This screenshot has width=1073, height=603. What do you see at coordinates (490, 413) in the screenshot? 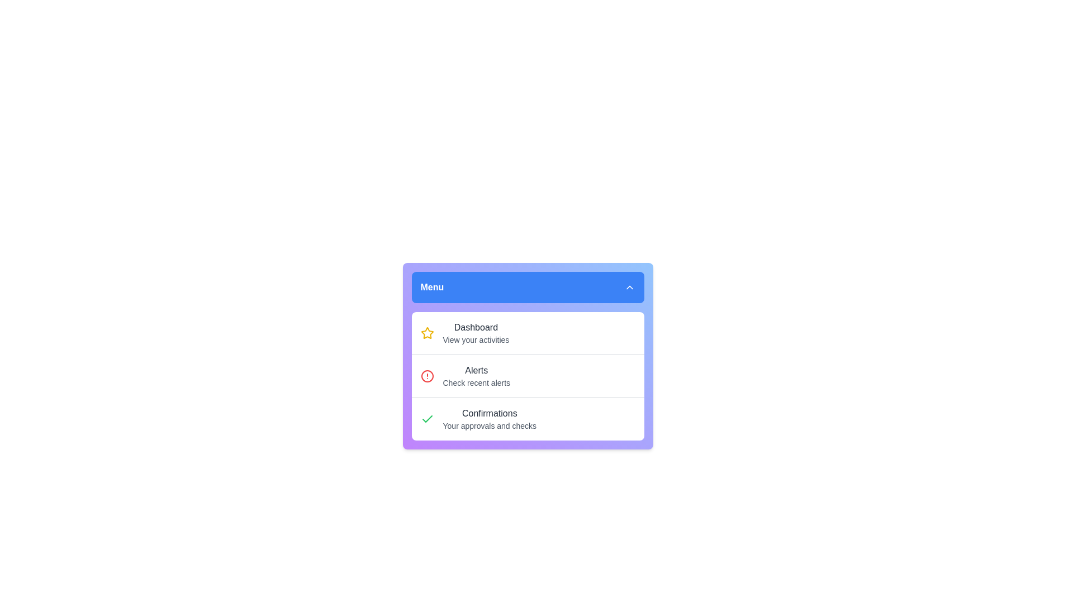
I see `the 'Confirmations' text label element, which is styled with a medium font weight and dark gray color, located above 'Your approvals and checks' within a card interface` at bounding box center [490, 413].